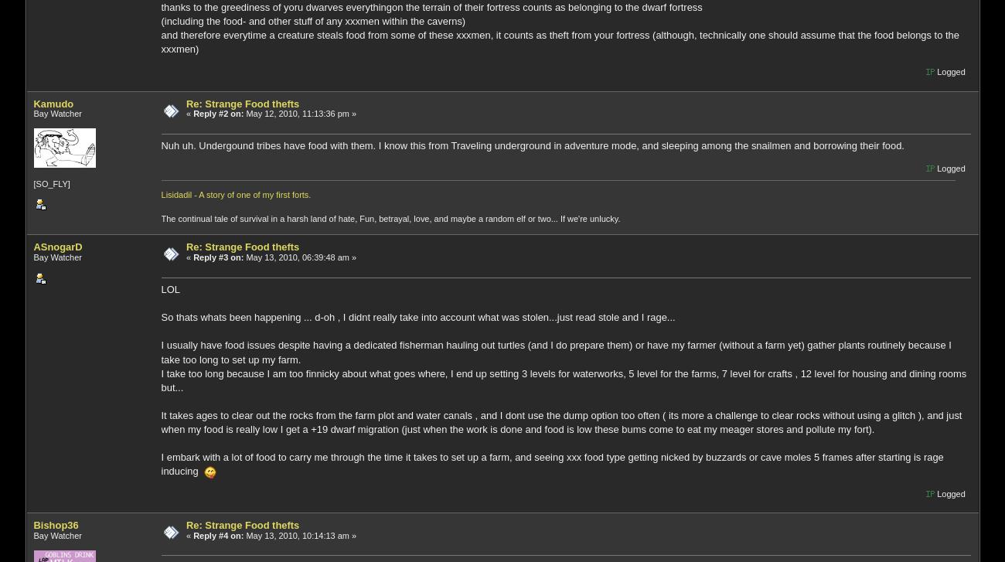  I want to click on 'May 12, 2010, 11:13:36 pm »', so click(300, 113).